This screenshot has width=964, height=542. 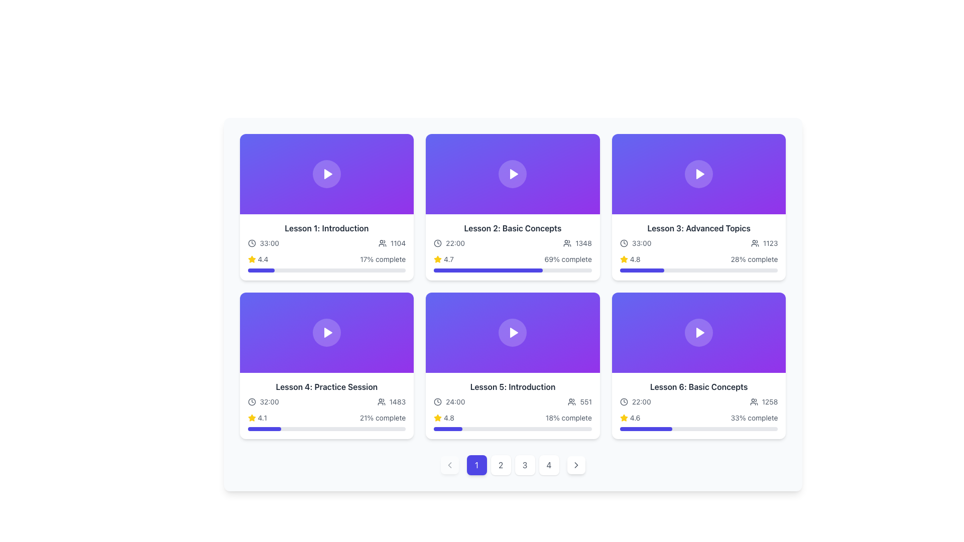 What do you see at coordinates (438, 401) in the screenshot?
I see `the time duration icon located in the bottom-left region of the fifth lesson card, adjacent to the text '24:00'` at bounding box center [438, 401].